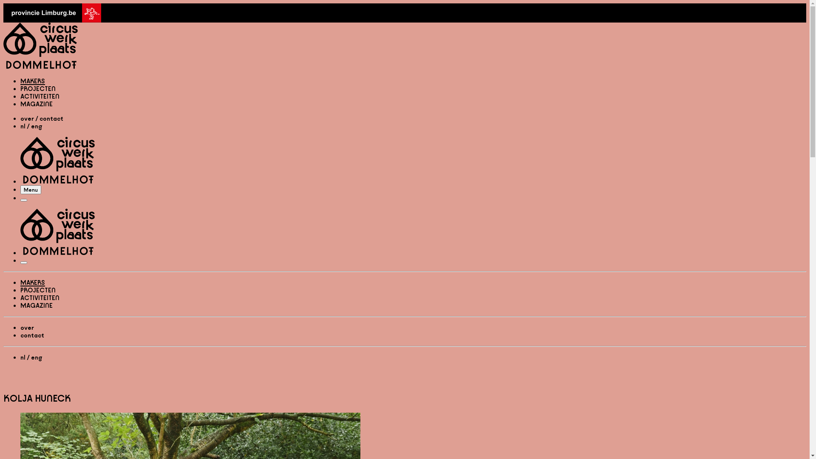  I want to click on 'contact', so click(32, 334).